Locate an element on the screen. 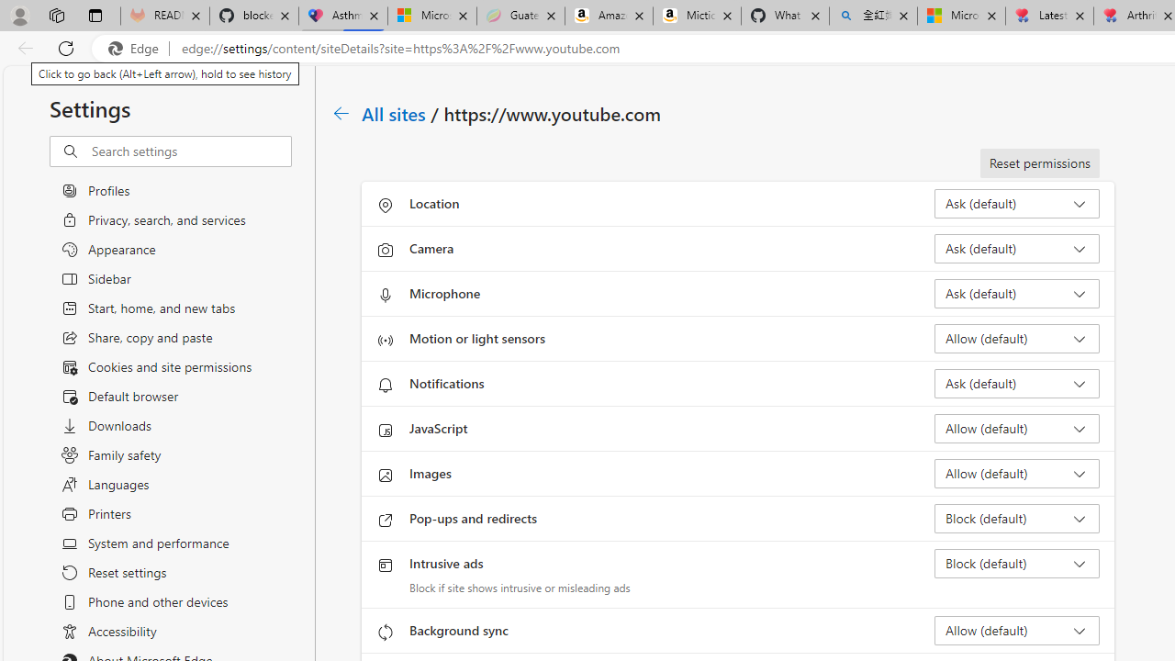 The height and width of the screenshot is (661, 1175). 'Go back to All sites page.' is located at coordinates (341, 113).